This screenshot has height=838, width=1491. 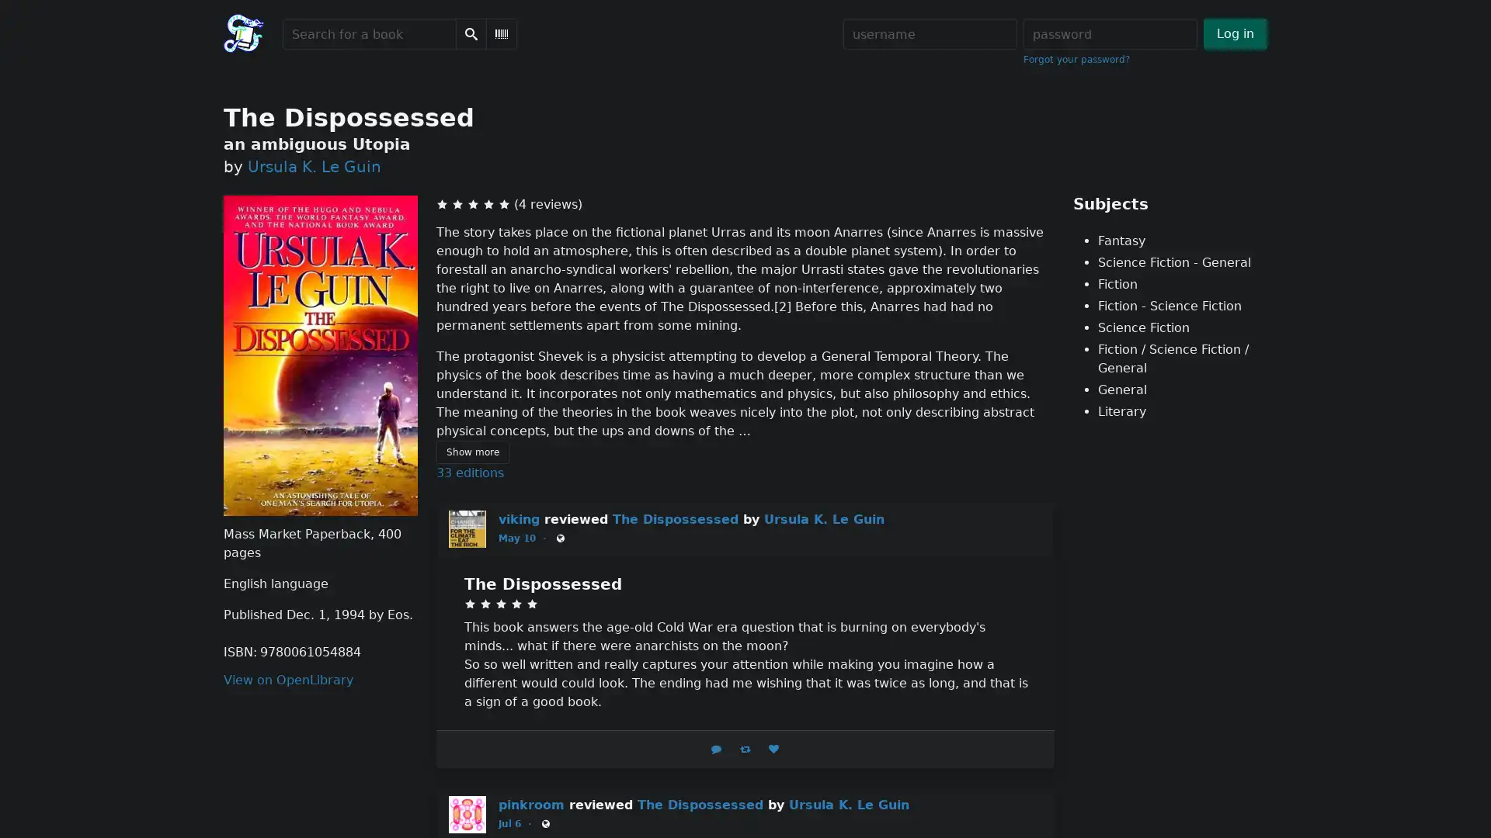 What do you see at coordinates (319, 355) in the screenshot?
I see `The Dispossessed (Paperback, 1994, Eos) Click to enlarge` at bounding box center [319, 355].